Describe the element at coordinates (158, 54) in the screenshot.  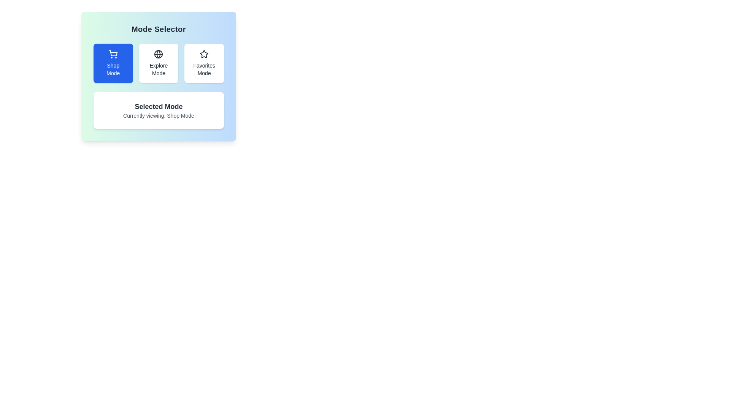
I see `the globe icon, which is represented by a circular SVG element located at the center of a mode selection row` at that location.